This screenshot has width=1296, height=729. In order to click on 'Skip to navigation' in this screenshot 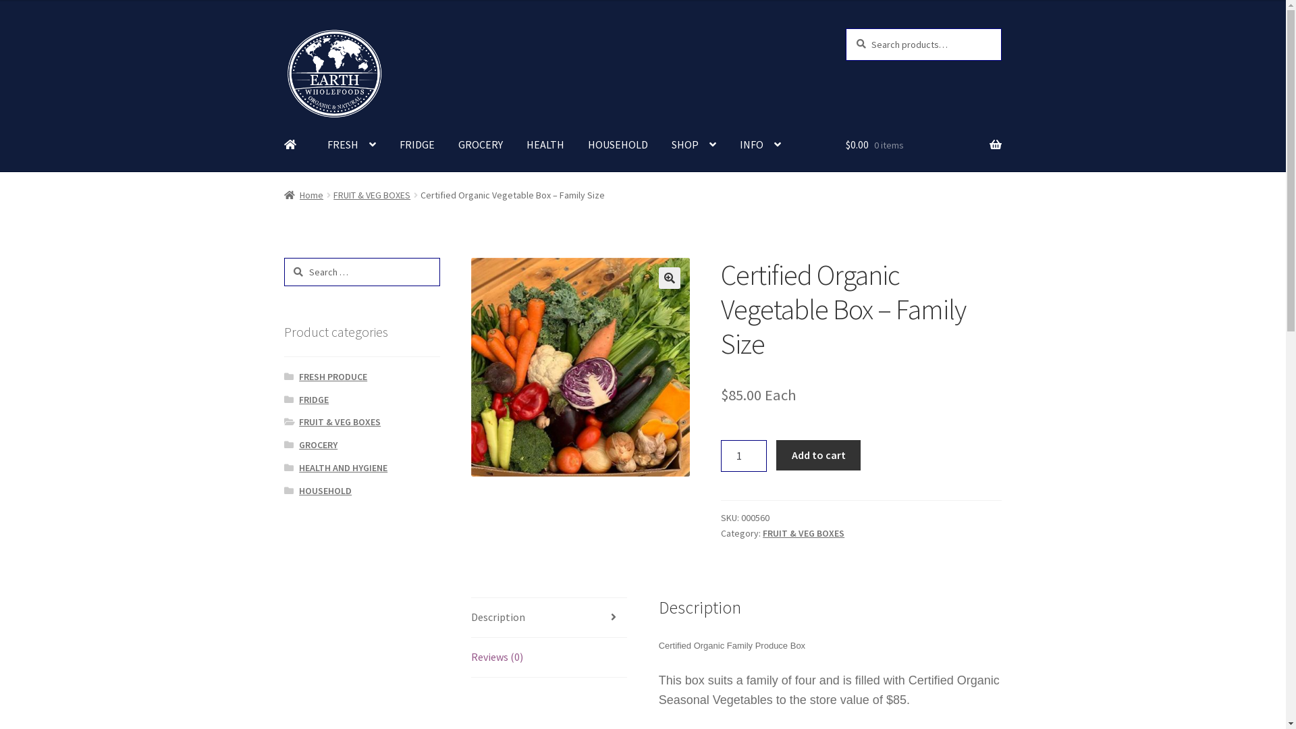, I will do `click(283, 28)`.